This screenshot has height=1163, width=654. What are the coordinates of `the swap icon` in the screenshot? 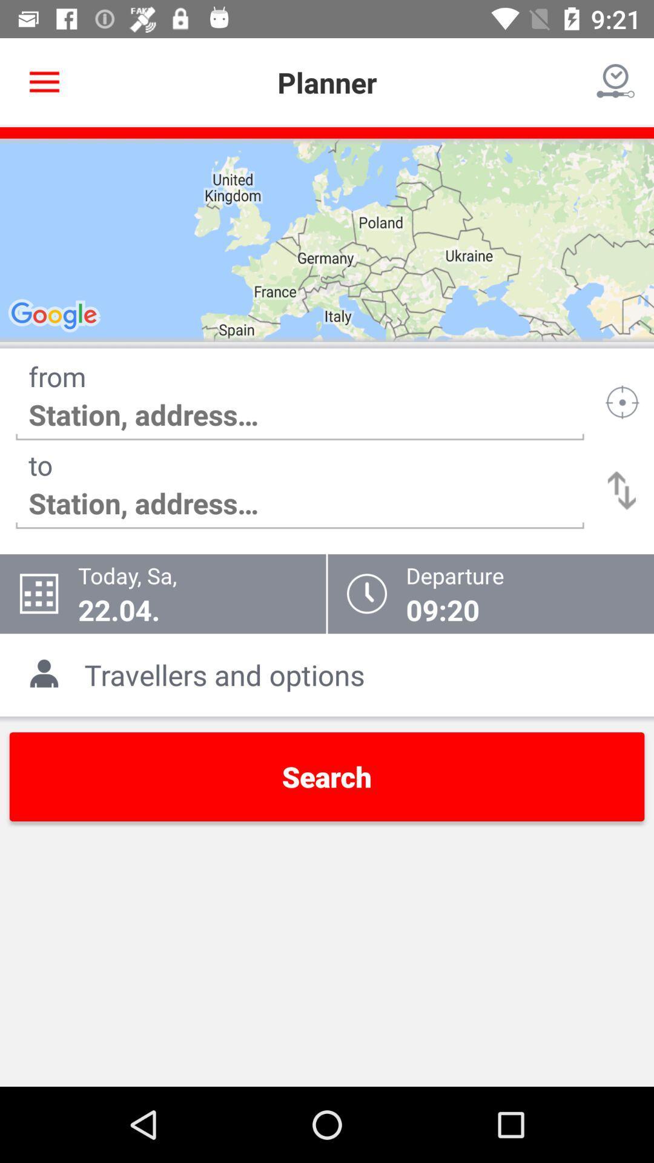 It's located at (622, 491).